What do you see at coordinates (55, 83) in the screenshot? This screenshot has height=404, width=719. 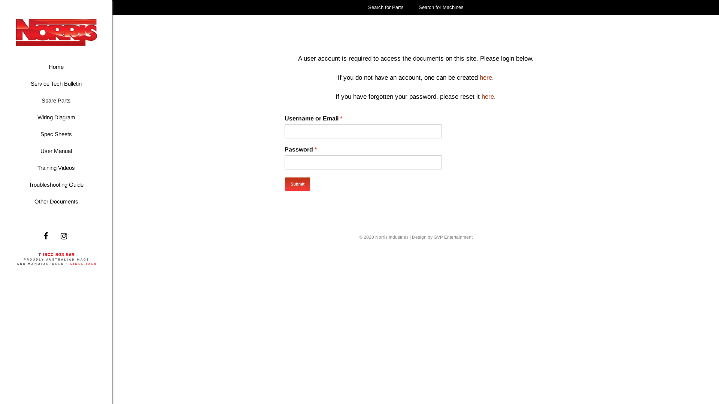 I see `'Service Tech Bulletin'` at bounding box center [55, 83].